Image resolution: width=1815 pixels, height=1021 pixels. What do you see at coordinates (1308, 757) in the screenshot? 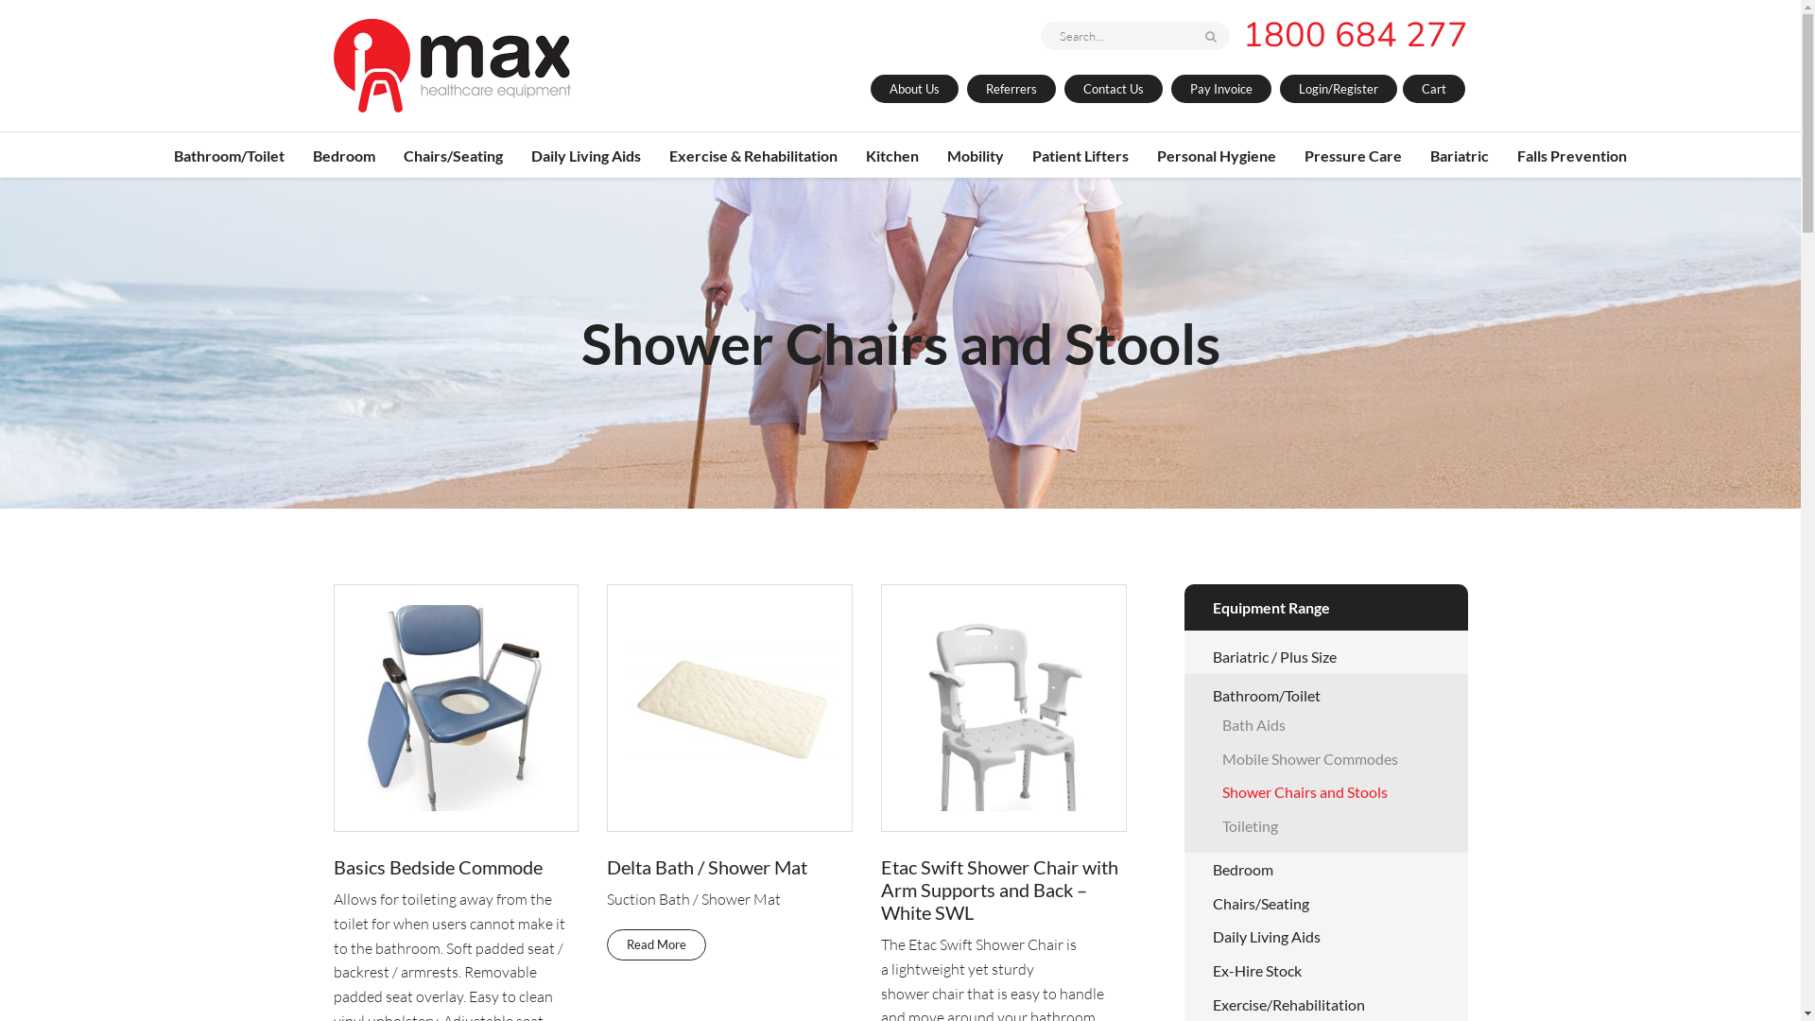
I see `'Mobile Shower Commodes'` at bounding box center [1308, 757].